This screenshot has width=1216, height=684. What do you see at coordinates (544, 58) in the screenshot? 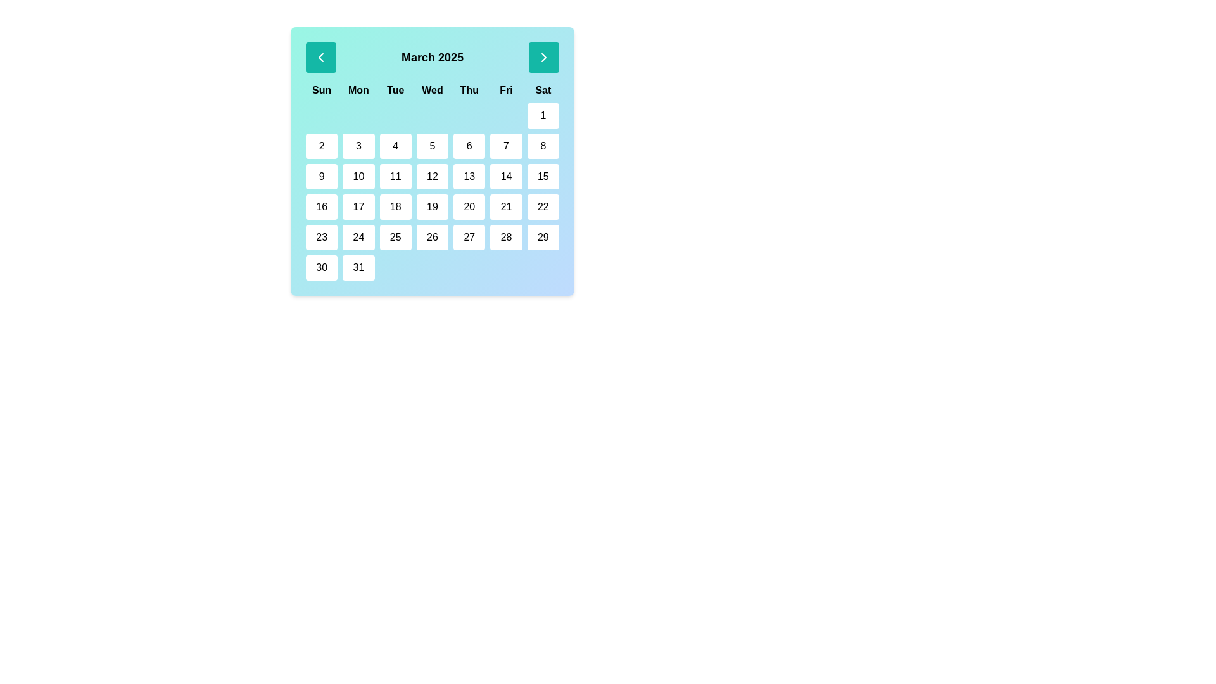
I see `the 'next' navigation icon located at the top-right corner of the calendar interface to advance to the subsequent month` at bounding box center [544, 58].